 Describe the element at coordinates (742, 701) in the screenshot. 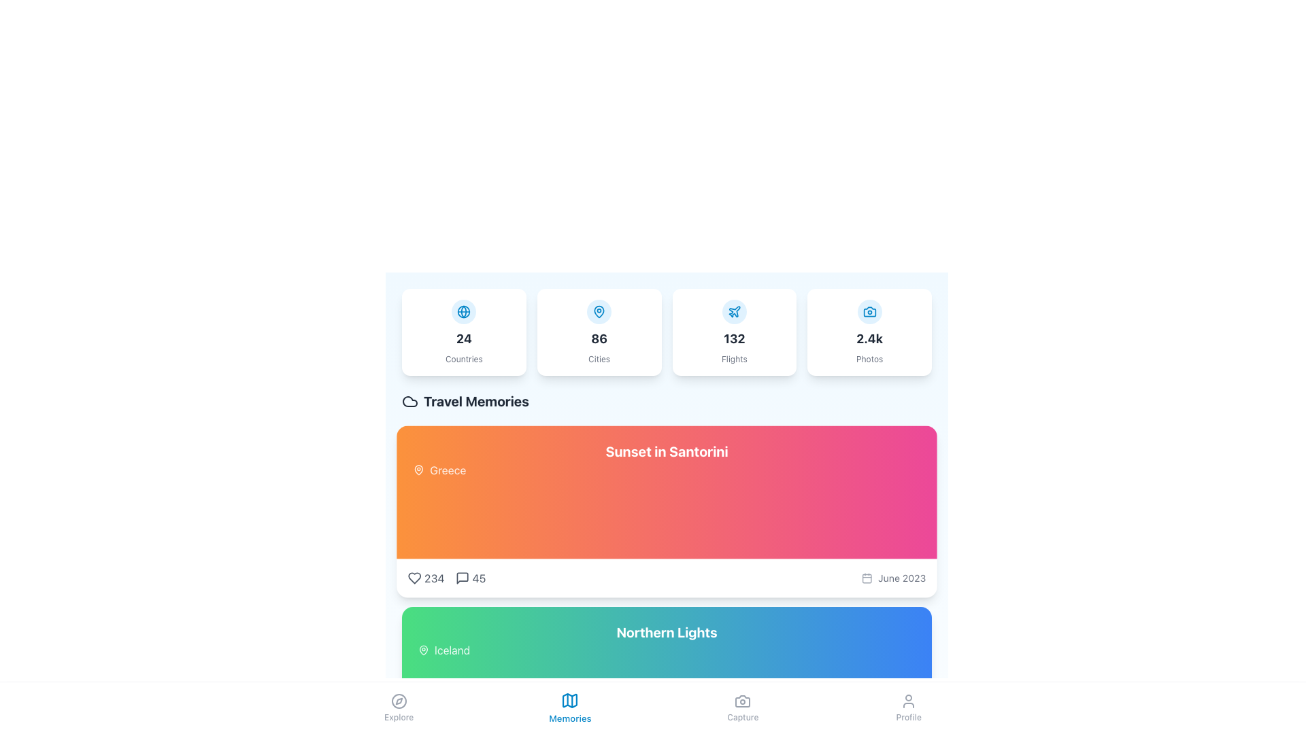

I see `the 'Capture' icon` at that location.